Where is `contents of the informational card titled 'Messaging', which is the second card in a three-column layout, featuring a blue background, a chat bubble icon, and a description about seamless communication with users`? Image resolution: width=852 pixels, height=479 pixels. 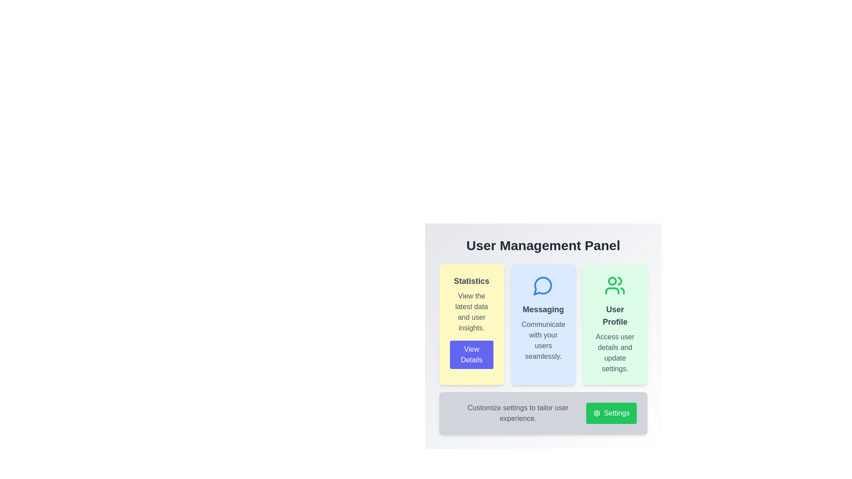
contents of the informational card titled 'Messaging', which is the second card in a three-column layout, featuring a blue background, a chat bubble icon, and a description about seamless communication with users is located at coordinates (543, 349).